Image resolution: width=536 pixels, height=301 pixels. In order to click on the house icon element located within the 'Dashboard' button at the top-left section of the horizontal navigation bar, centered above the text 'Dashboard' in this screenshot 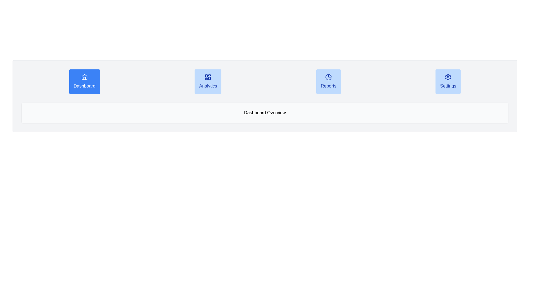, I will do `click(84, 77)`.